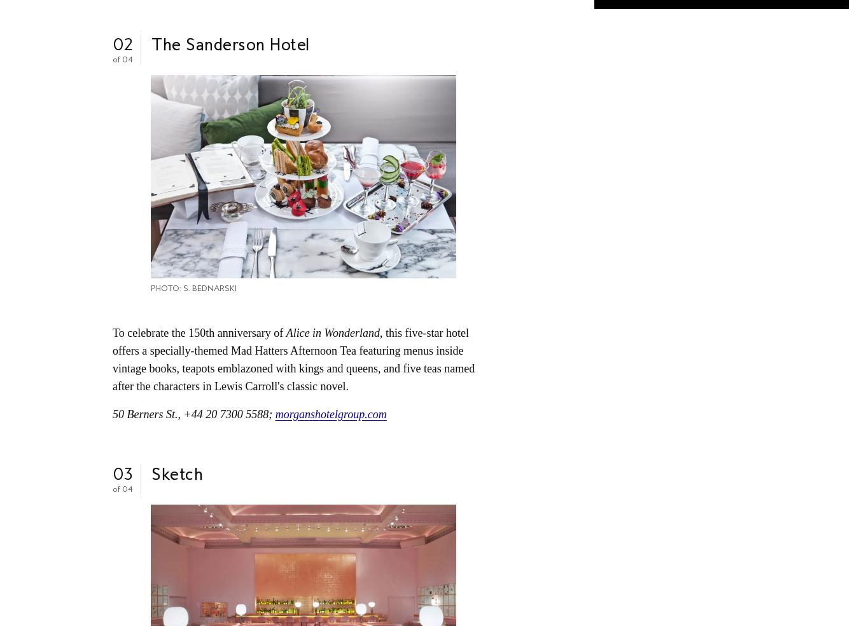 The width and height of the screenshot is (859, 626). I want to click on ', this five-star hotel offers a specially-themed Mad Hatters Afternoon Tea featuring menus inside vintage books, teapots emblazoned with kings and queens, and five teas named after the characters in Lewis Carroll's classic novel.', so click(293, 358).